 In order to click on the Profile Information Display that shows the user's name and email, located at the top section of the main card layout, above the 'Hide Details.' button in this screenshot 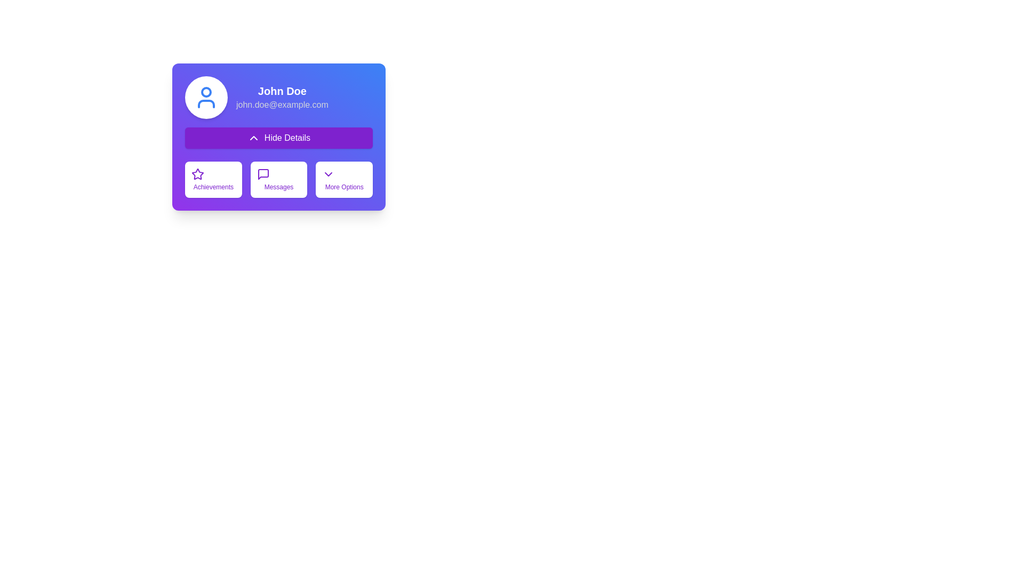, I will do `click(279, 97)`.